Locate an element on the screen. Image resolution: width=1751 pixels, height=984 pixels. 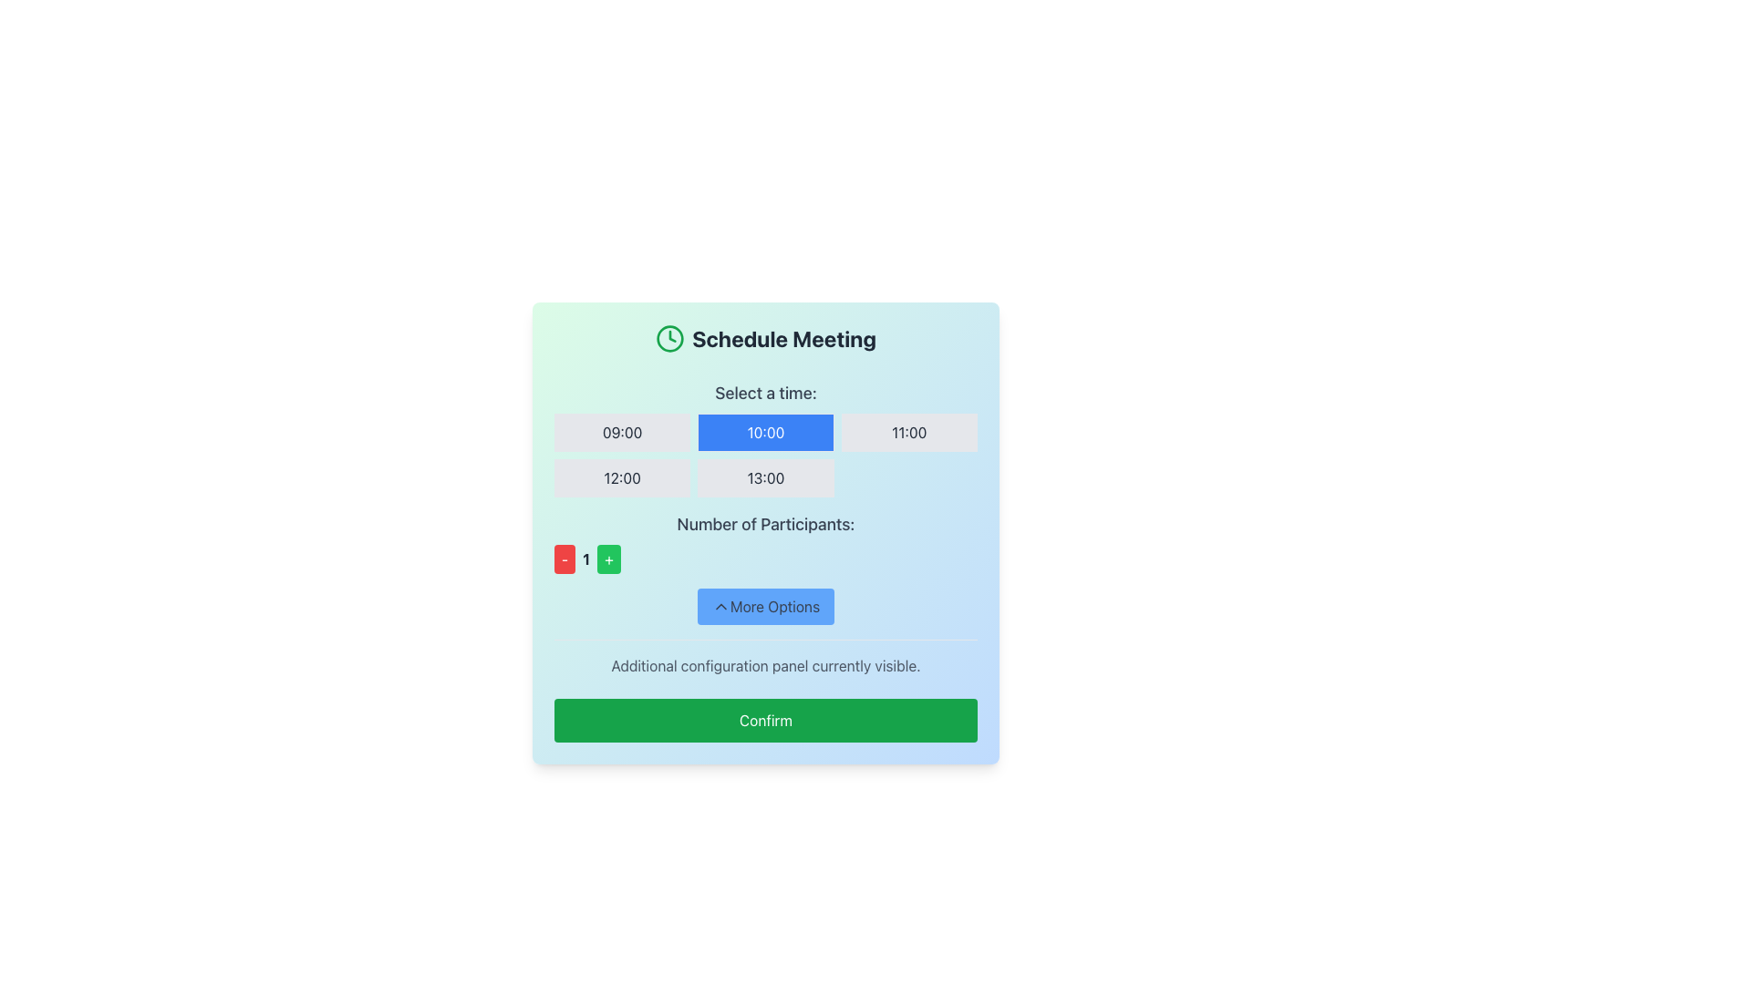
the toggle button located at the bottom-center of the modal dialog box is located at coordinates (766, 607).